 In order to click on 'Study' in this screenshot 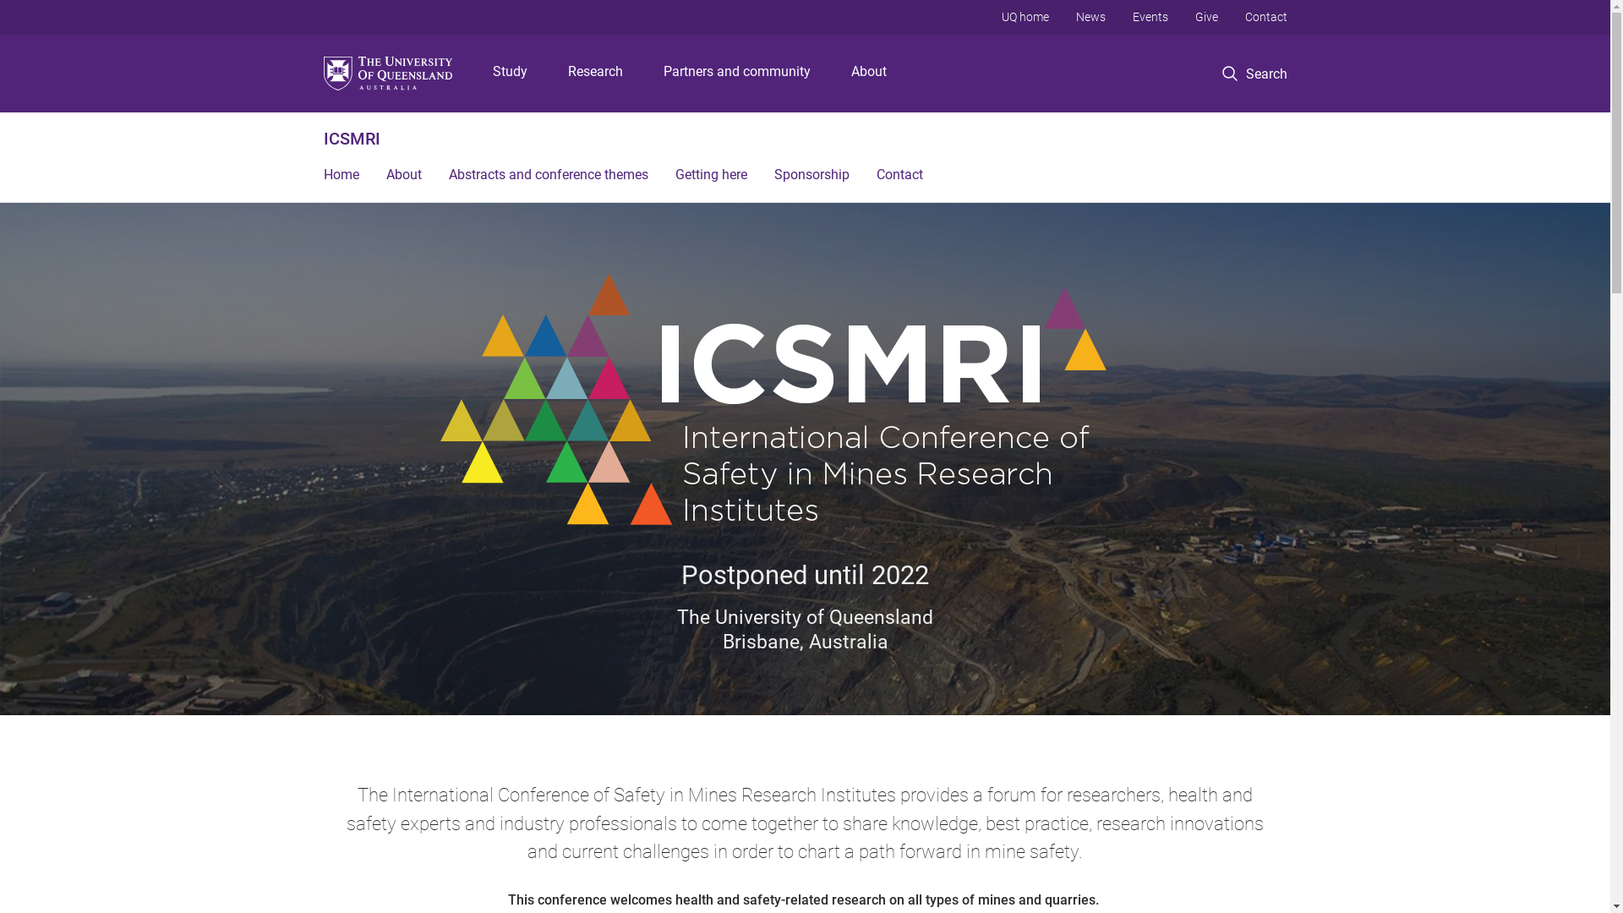, I will do `click(509, 73)`.